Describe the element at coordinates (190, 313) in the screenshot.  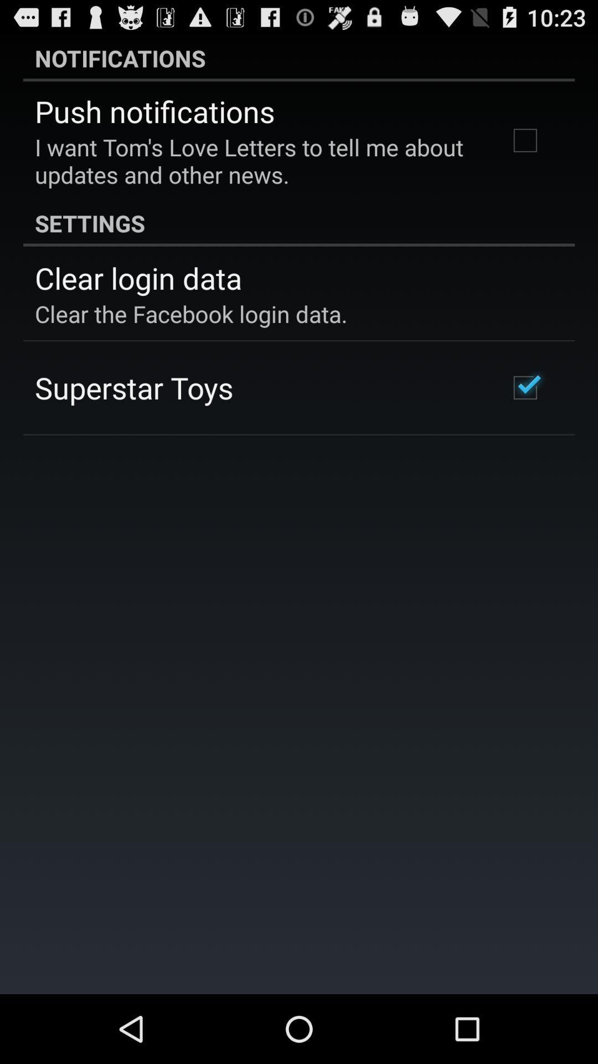
I see `the item below clear login data item` at that location.